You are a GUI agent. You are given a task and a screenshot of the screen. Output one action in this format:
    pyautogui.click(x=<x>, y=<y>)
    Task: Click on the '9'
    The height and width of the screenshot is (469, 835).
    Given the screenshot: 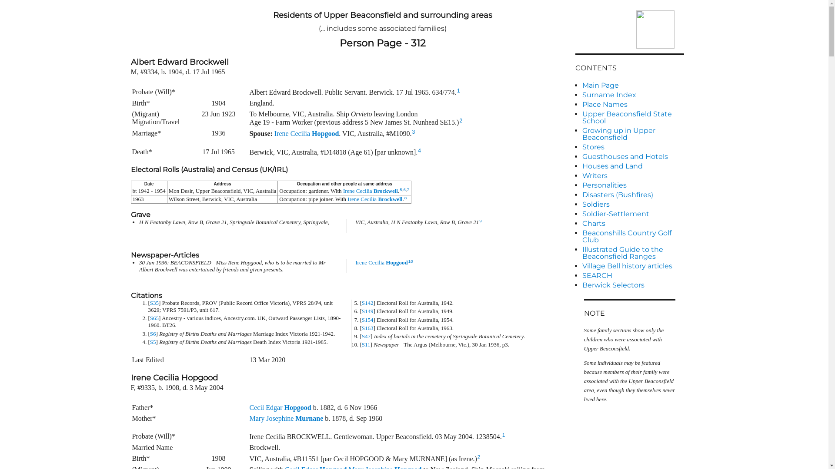 What is the action you would take?
    pyautogui.click(x=480, y=220)
    